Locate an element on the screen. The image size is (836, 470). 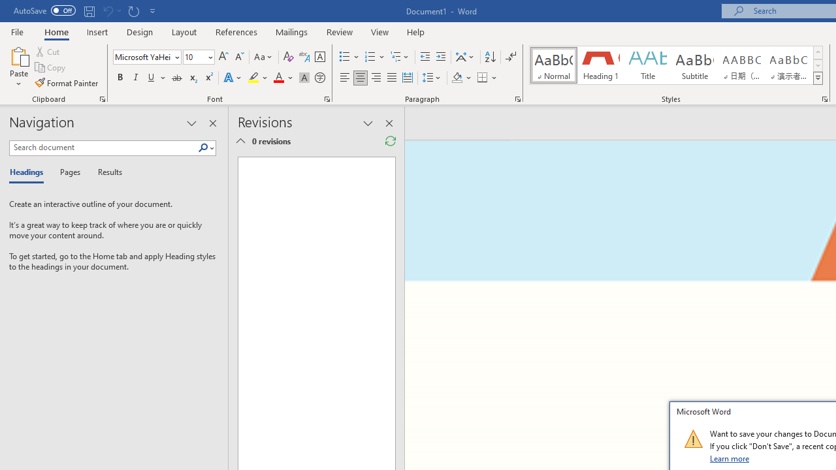
'Repeat Doc Close' is located at coordinates (133, 10).